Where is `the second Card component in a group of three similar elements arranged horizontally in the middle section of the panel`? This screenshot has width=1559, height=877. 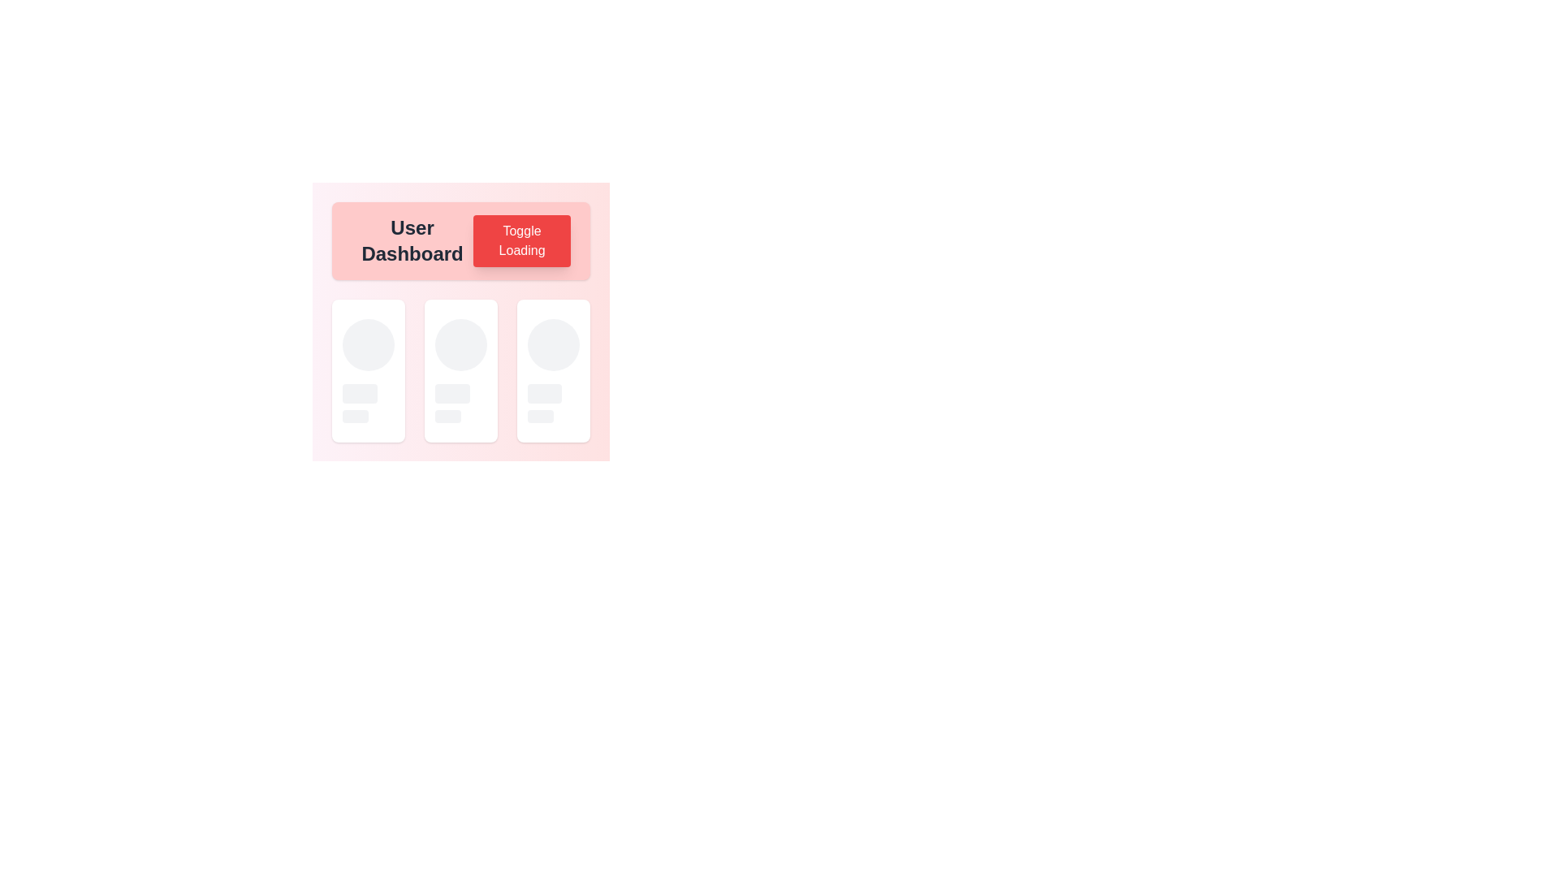 the second Card component in a group of three similar elements arranged horizontally in the middle section of the panel is located at coordinates (460, 312).